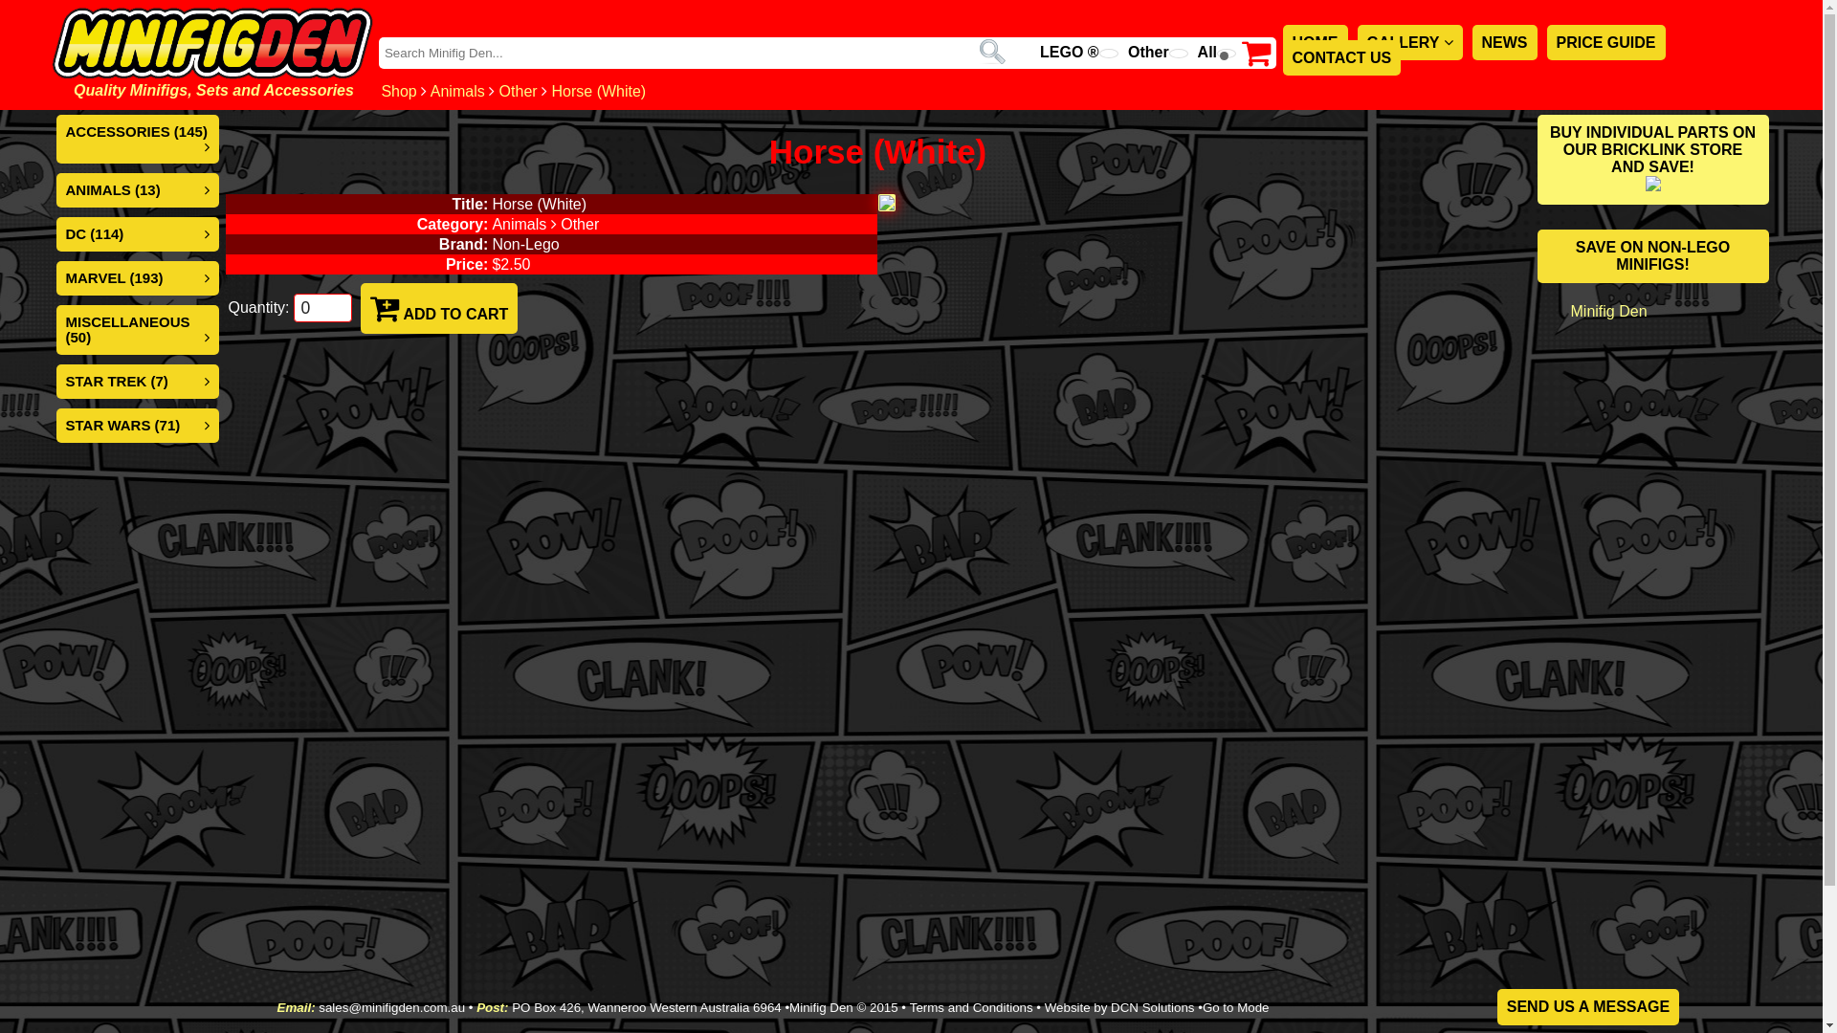 This screenshot has width=1837, height=1033. What do you see at coordinates (1281, 56) in the screenshot?
I see `'CONTACT US'` at bounding box center [1281, 56].